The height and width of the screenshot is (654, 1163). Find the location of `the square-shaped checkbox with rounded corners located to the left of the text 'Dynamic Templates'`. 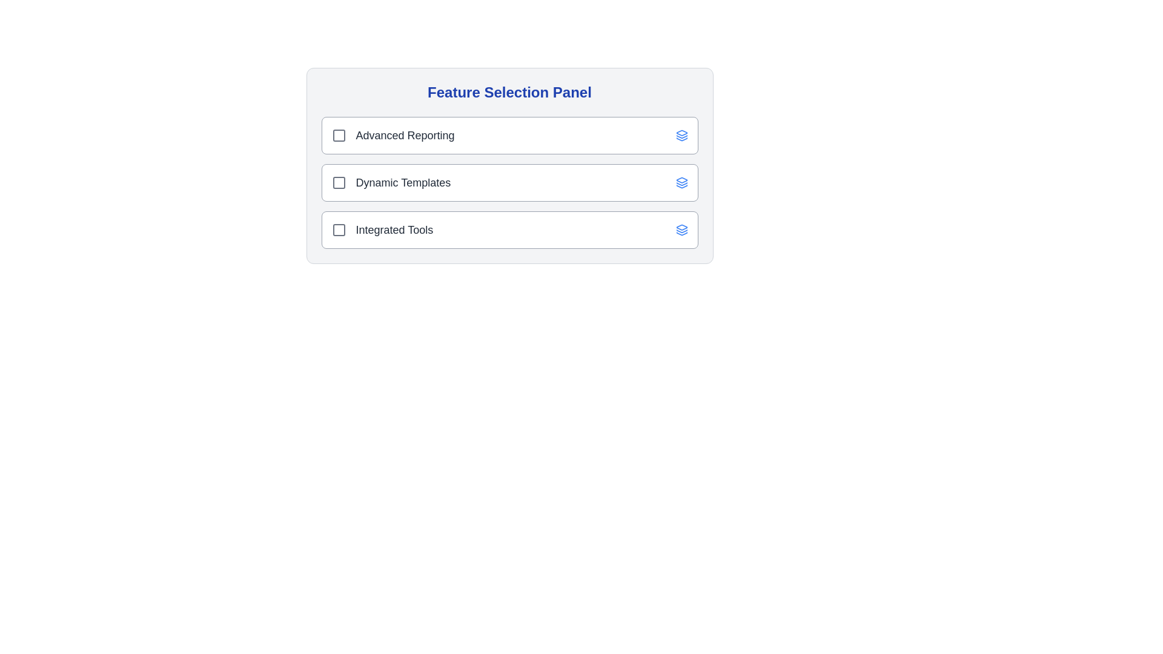

the square-shaped checkbox with rounded corners located to the left of the text 'Dynamic Templates' is located at coordinates (339, 182).